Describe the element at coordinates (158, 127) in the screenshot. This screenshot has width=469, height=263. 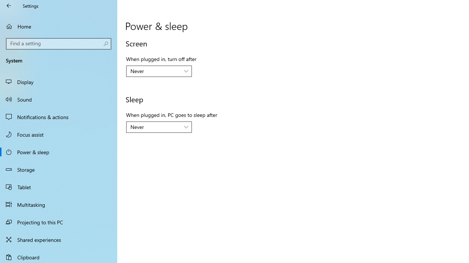
I see `'When plugged in, PC goes to sleep after'` at that location.